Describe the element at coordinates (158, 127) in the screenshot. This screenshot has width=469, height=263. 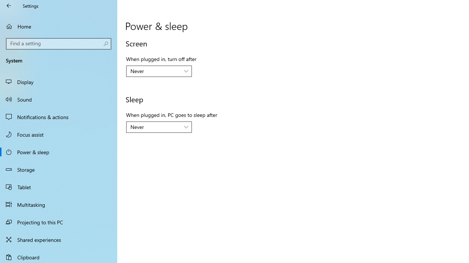
I see `'When plugged in, PC goes to sleep after'` at that location.